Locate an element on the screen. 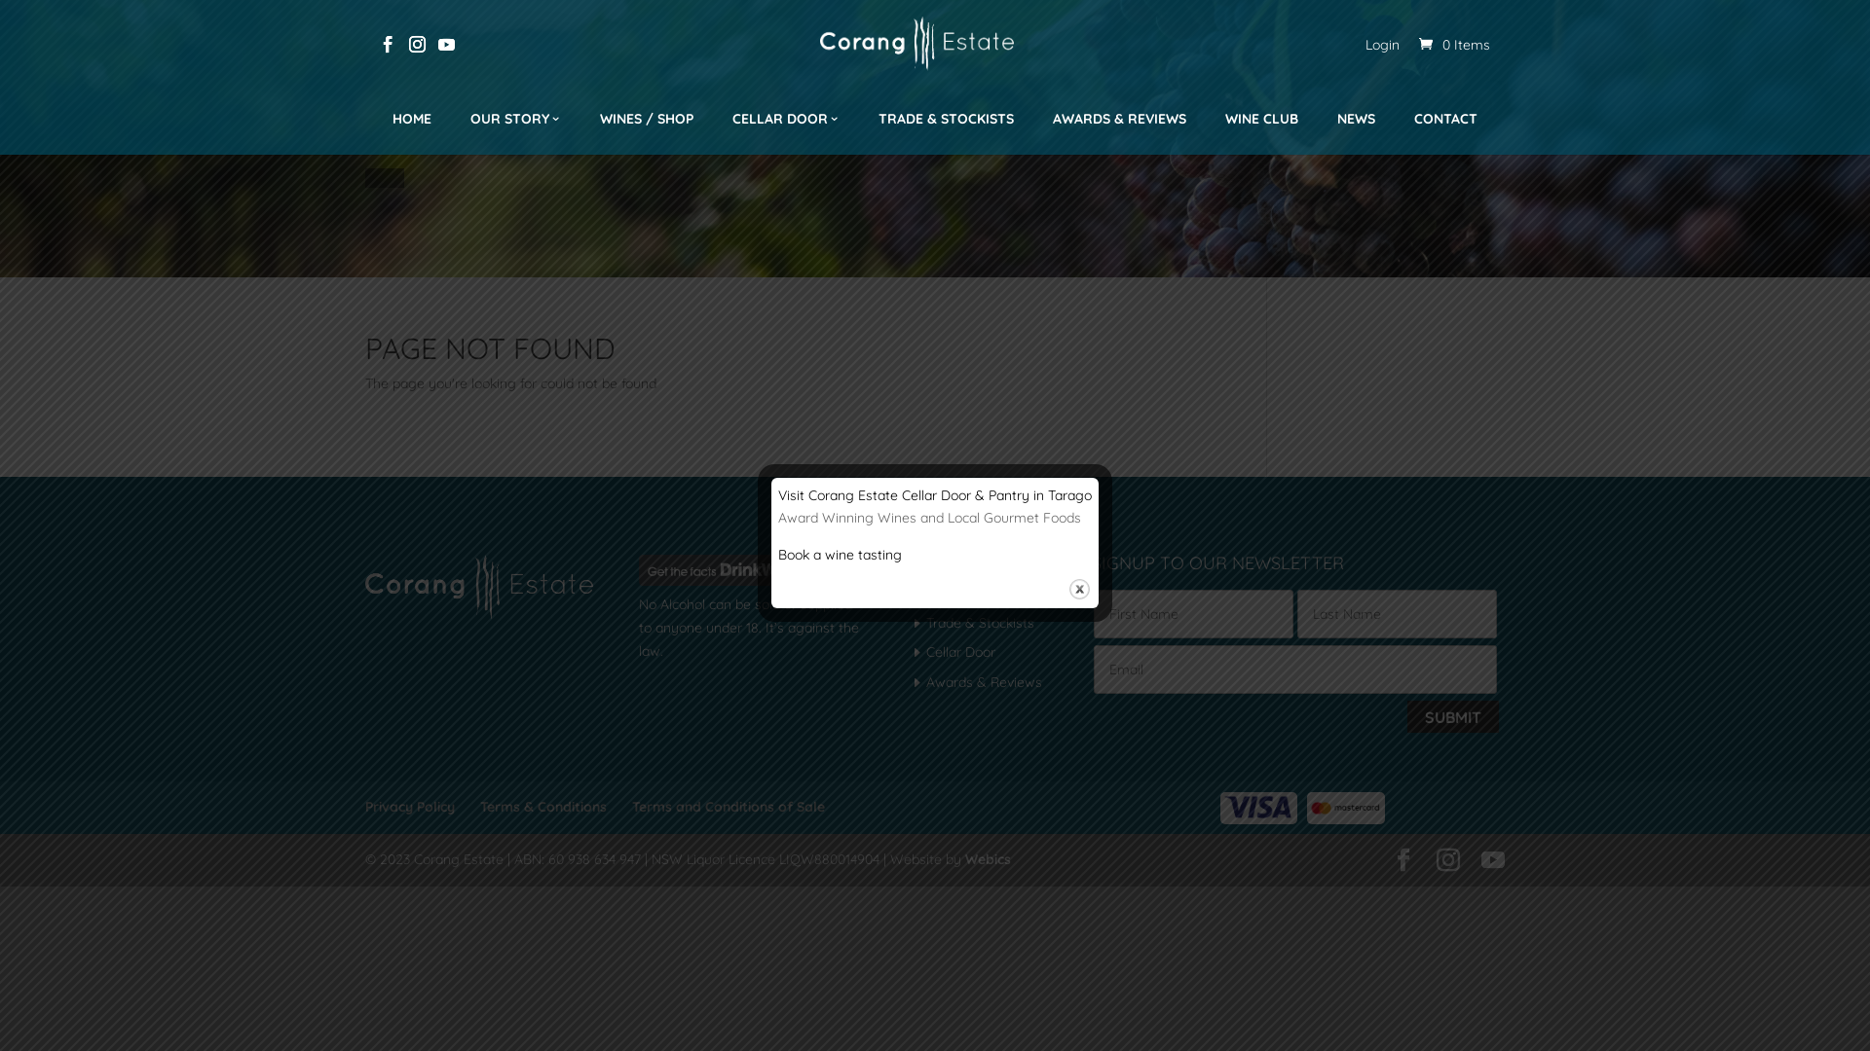 This screenshot has width=1870, height=1051. 'Close' is located at coordinates (1068, 588).